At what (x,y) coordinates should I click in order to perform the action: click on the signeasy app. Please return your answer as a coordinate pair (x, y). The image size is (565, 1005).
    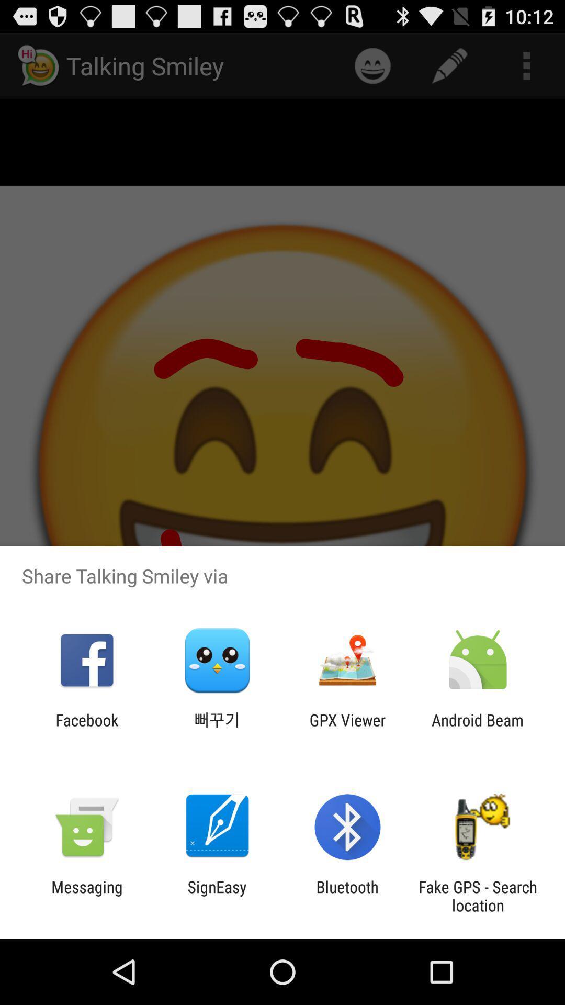
    Looking at the image, I should click on (217, 896).